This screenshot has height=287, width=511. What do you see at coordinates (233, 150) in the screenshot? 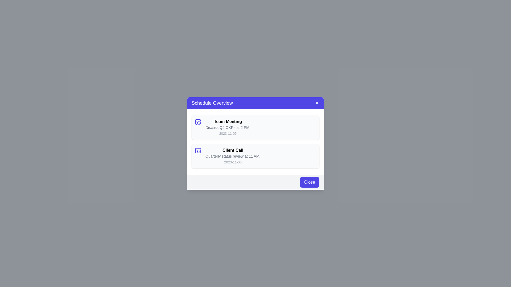
I see `the bold text label displaying 'Client Call', which is located in the central portion of the scheduling information section above the description and date details` at bounding box center [233, 150].